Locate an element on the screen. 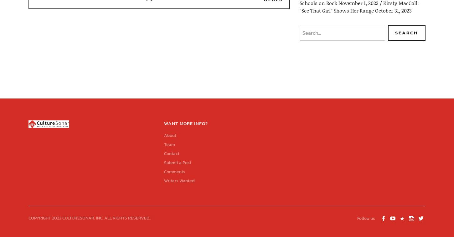 The height and width of the screenshot is (237, 454). 'Team' is located at coordinates (169, 144).